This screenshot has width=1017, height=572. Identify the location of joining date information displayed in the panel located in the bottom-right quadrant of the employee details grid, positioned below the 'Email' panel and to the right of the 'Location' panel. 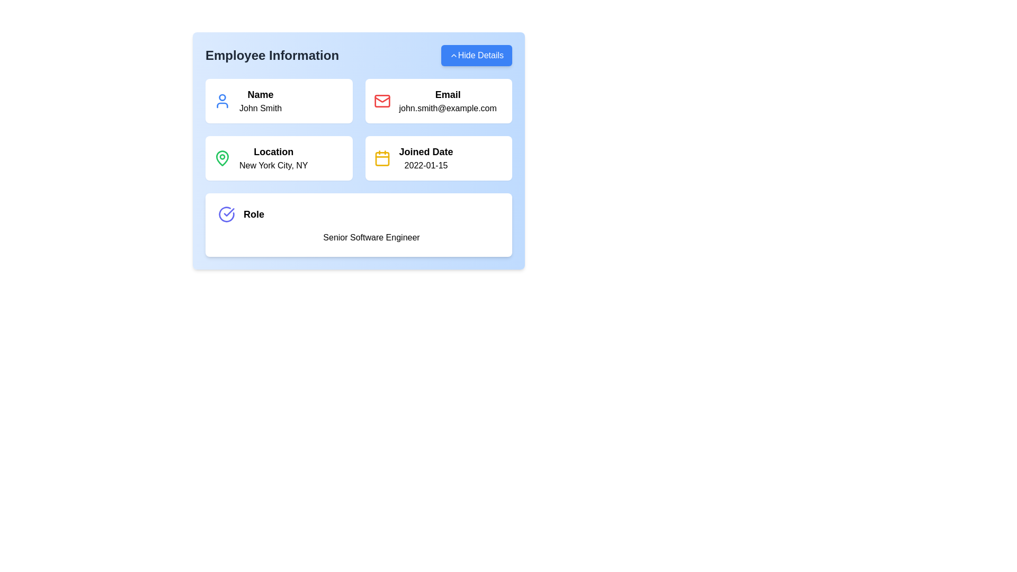
(439, 158).